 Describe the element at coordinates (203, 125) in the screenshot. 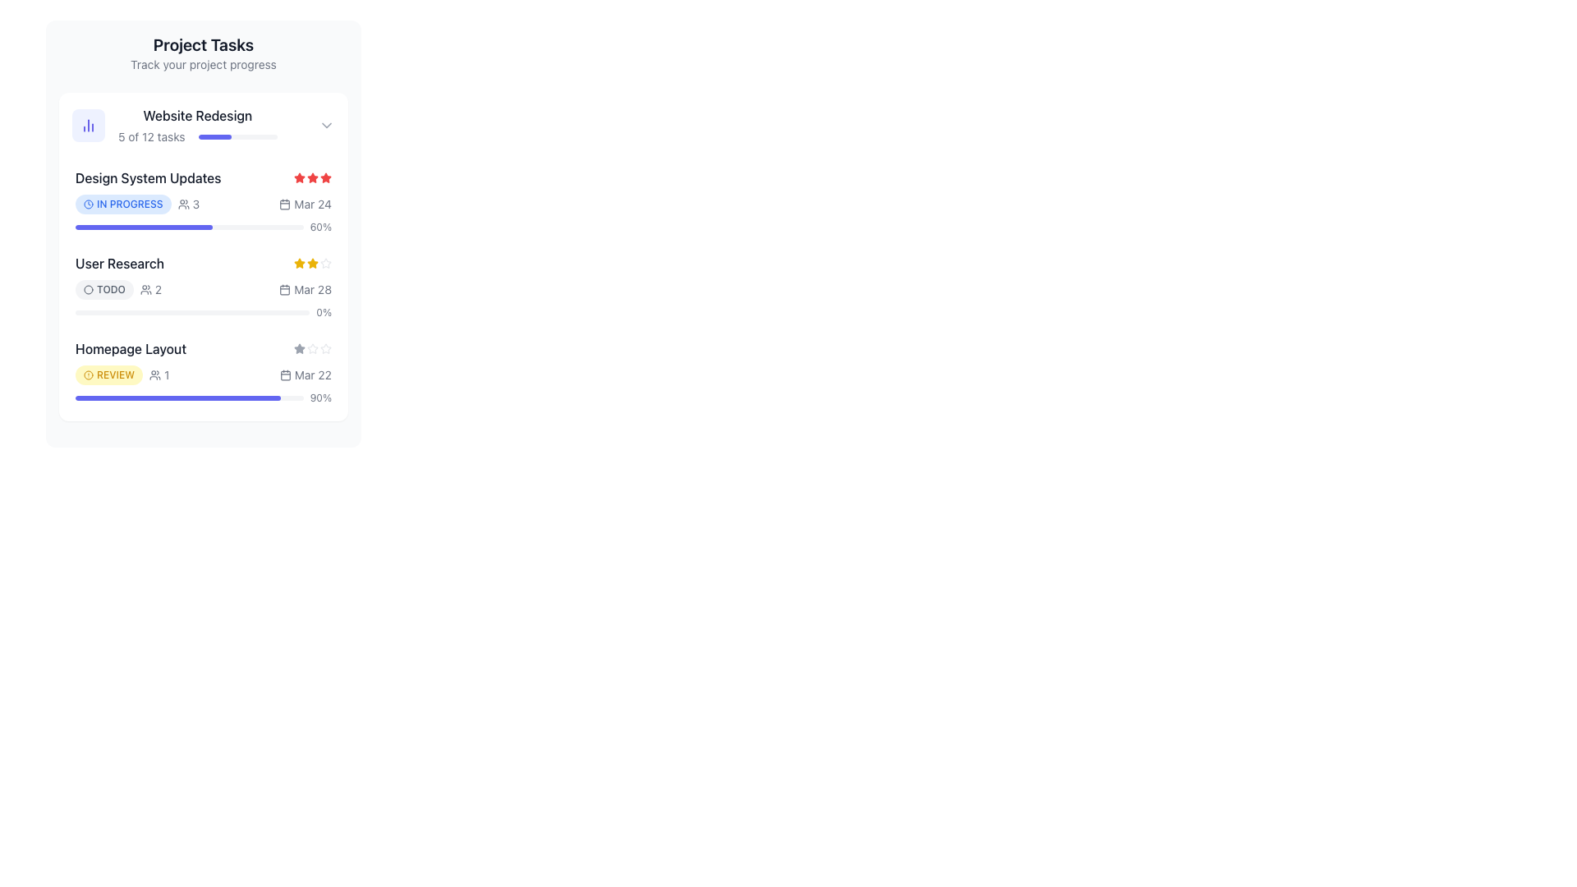

I see `the Task summary component for 'Website Redesign'` at that location.